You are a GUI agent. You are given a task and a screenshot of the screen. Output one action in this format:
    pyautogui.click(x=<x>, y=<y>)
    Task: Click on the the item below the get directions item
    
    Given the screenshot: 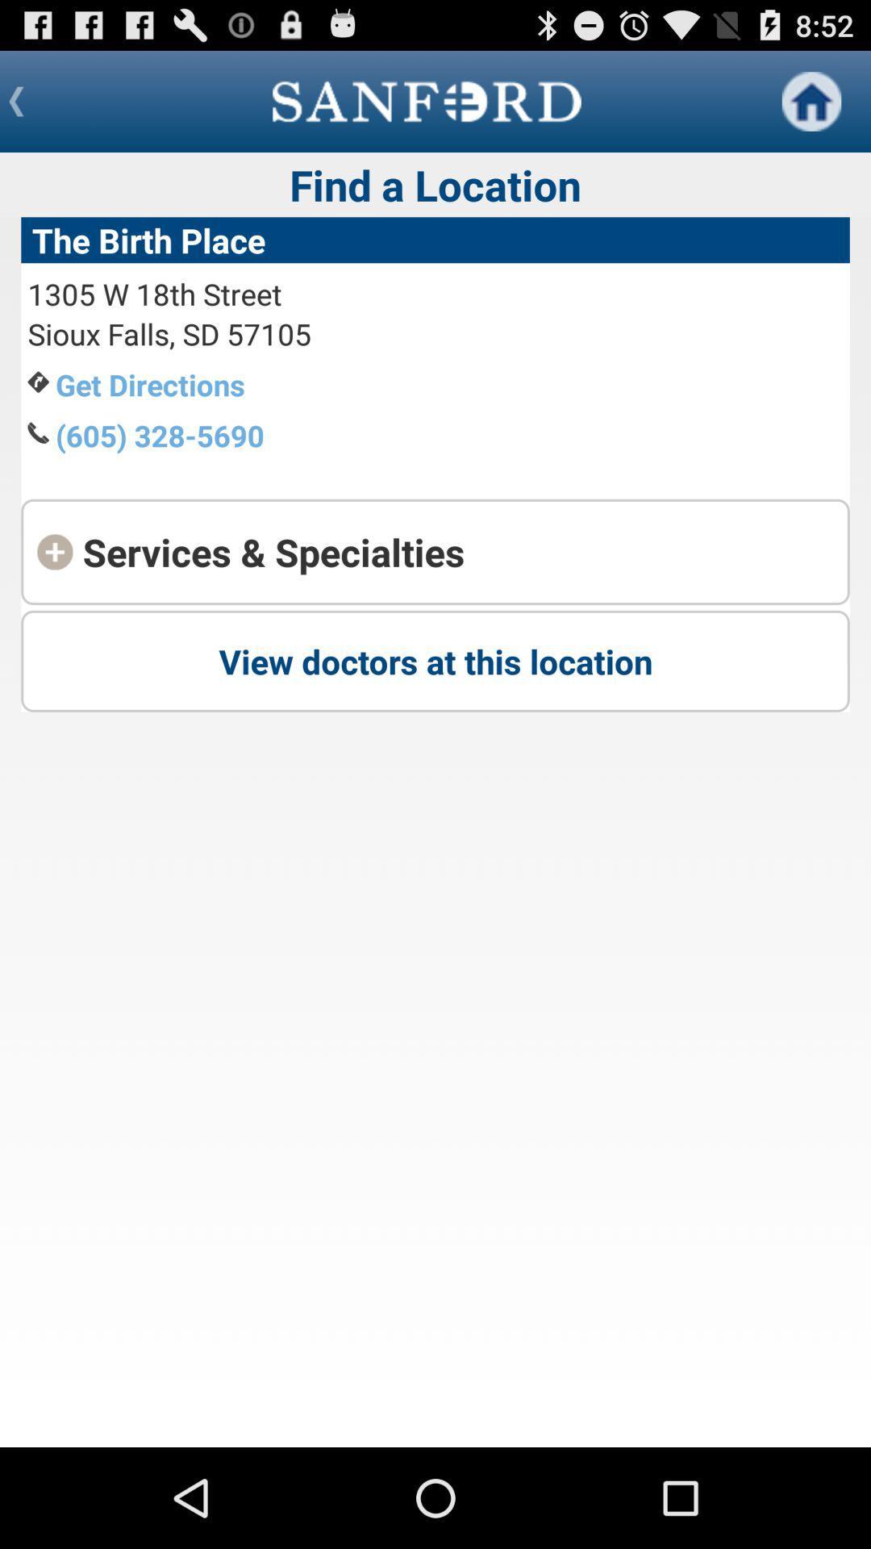 What is the action you would take?
    pyautogui.click(x=160, y=435)
    